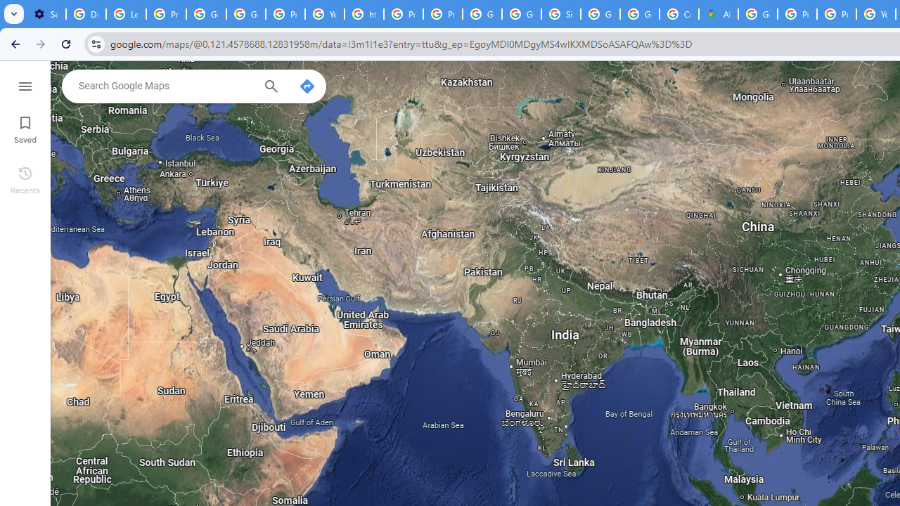 This screenshot has height=506, width=900. I want to click on 'Recents', so click(25, 178).